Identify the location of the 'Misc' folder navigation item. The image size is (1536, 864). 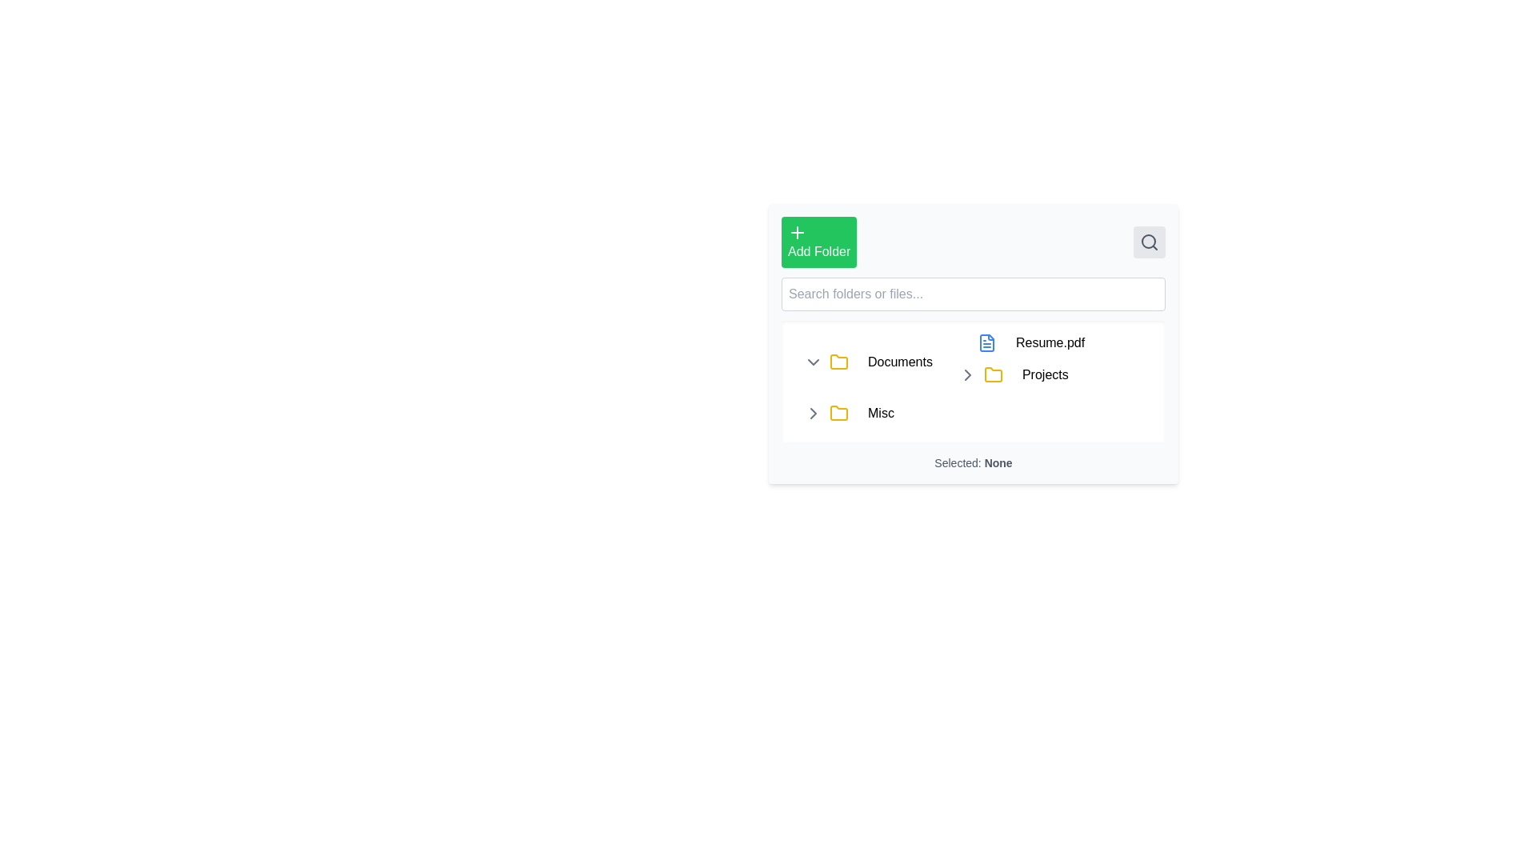
(978, 412).